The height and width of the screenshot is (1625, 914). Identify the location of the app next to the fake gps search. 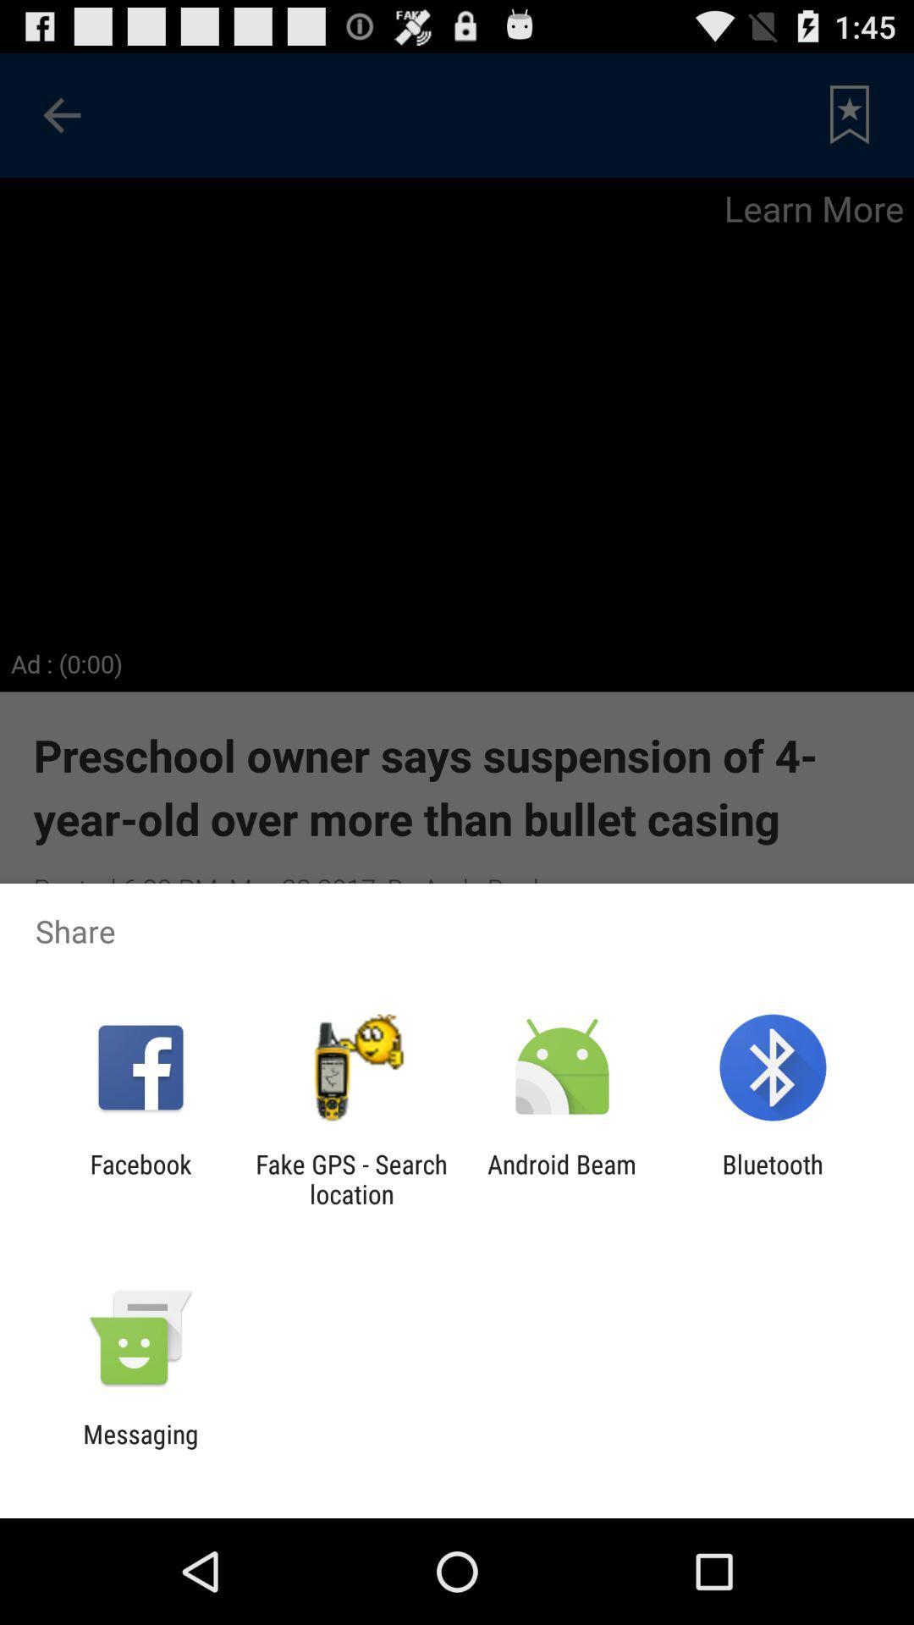
(140, 1178).